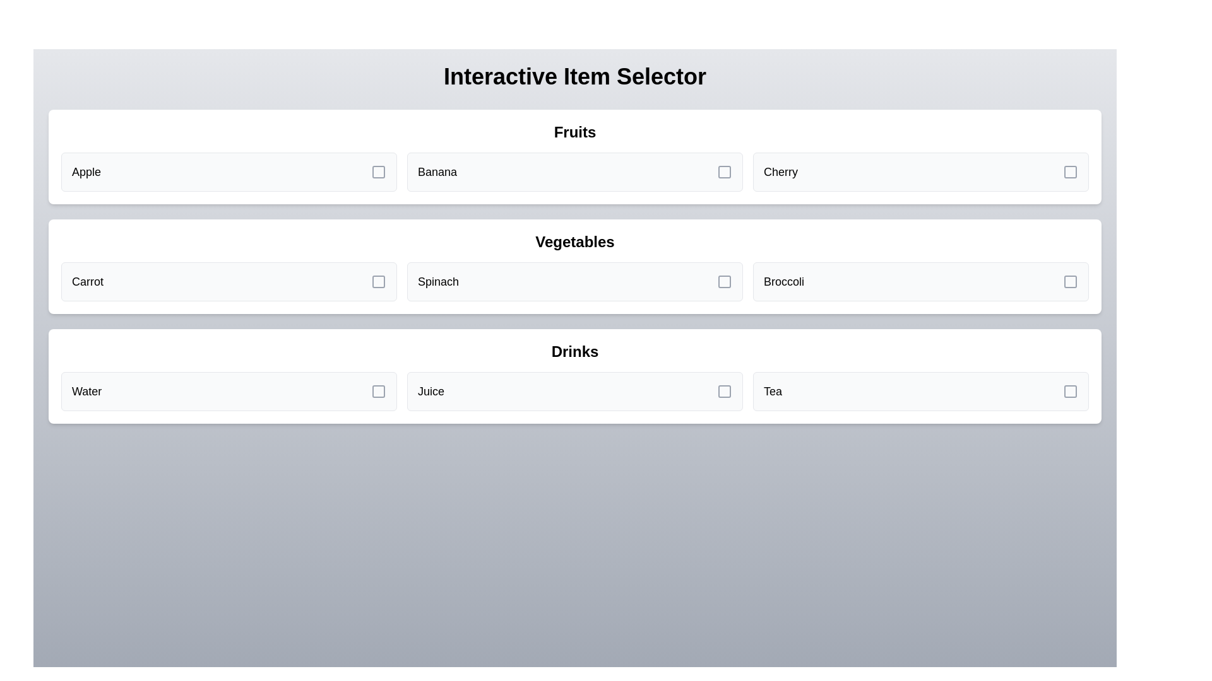 The image size is (1212, 681). Describe the element at coordinates (574, 281) in the screenshot. I see `the item Spinach from the grid` at that location.